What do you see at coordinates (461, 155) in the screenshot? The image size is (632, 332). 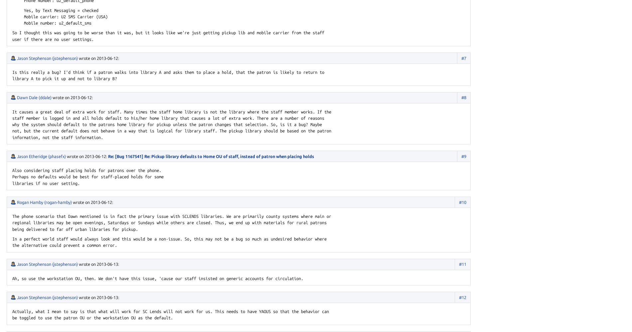 I see `'#9'` at bounding box center [461, 155].